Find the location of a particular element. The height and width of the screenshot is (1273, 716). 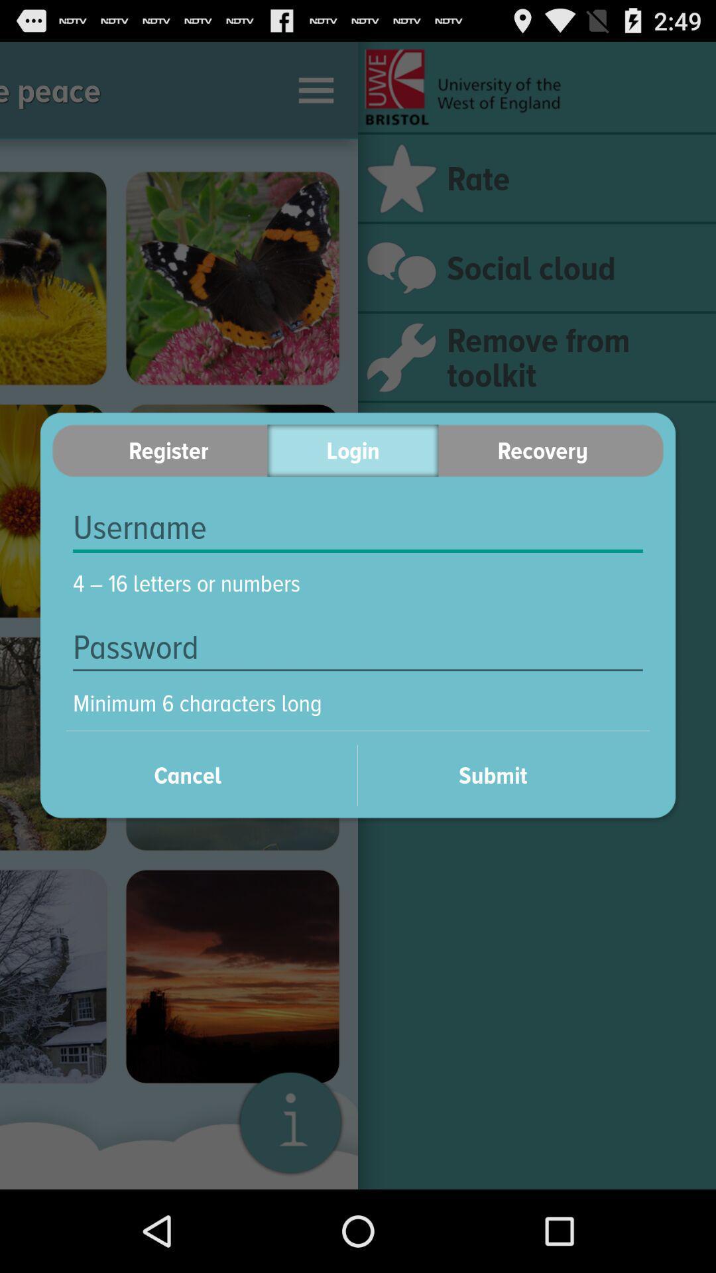

the icon below the register item is located at coordinates (358, 527).